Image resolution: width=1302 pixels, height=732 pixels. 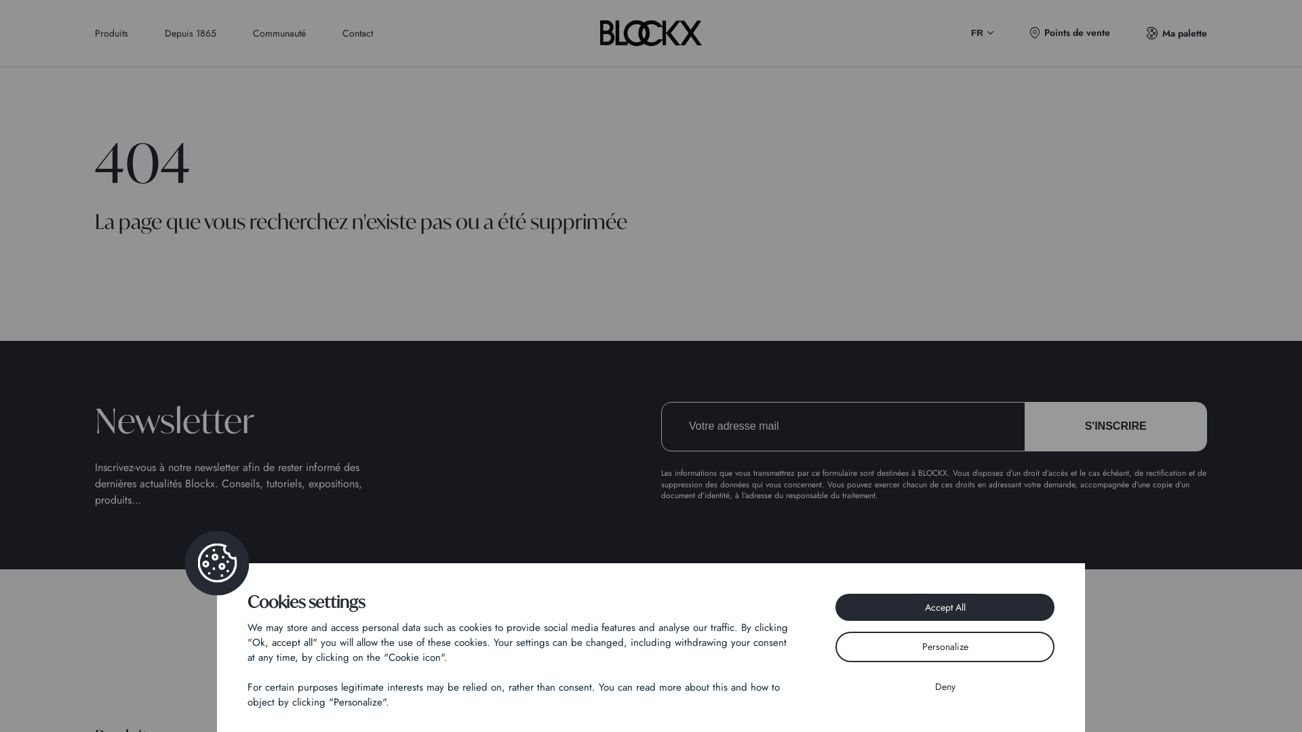 What do you see at coordinates (944, 646) in the screenshot?
I see `'Personalize'` at bounding box center [944, 646].